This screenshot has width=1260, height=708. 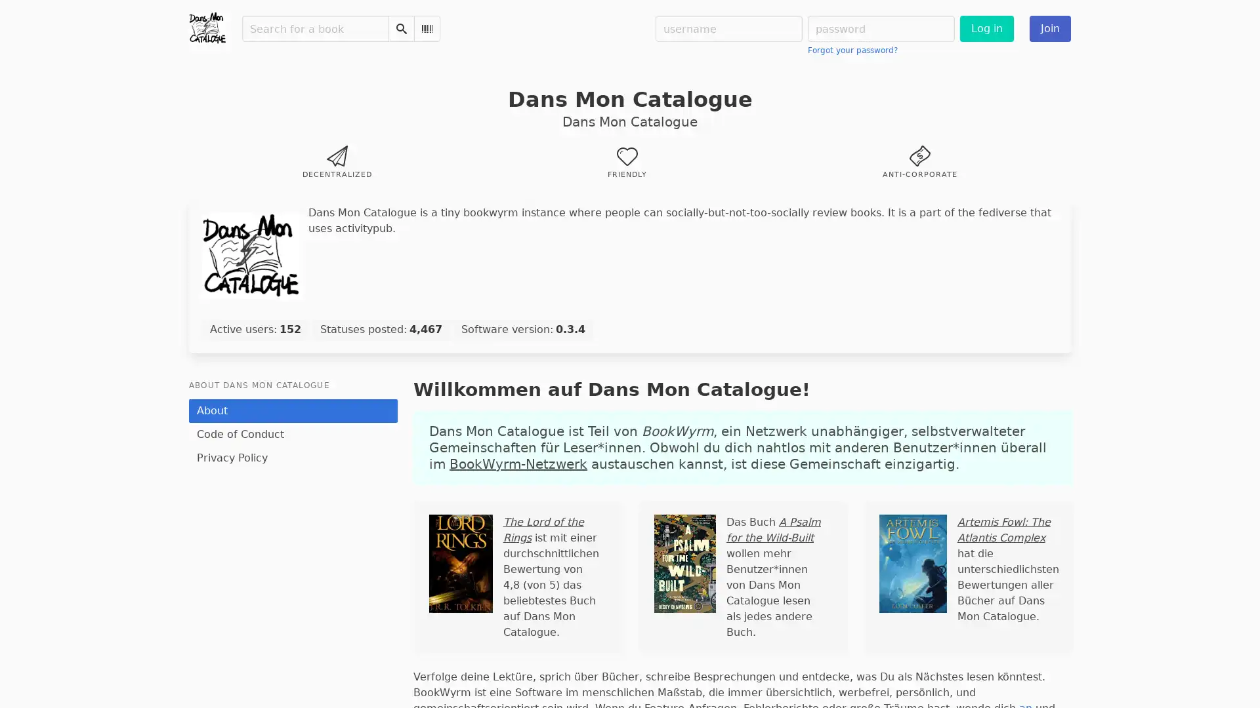 What do you see at coordinates (400, 28) in the screenshot?
I see `Search` at bounding box center [400, 28].